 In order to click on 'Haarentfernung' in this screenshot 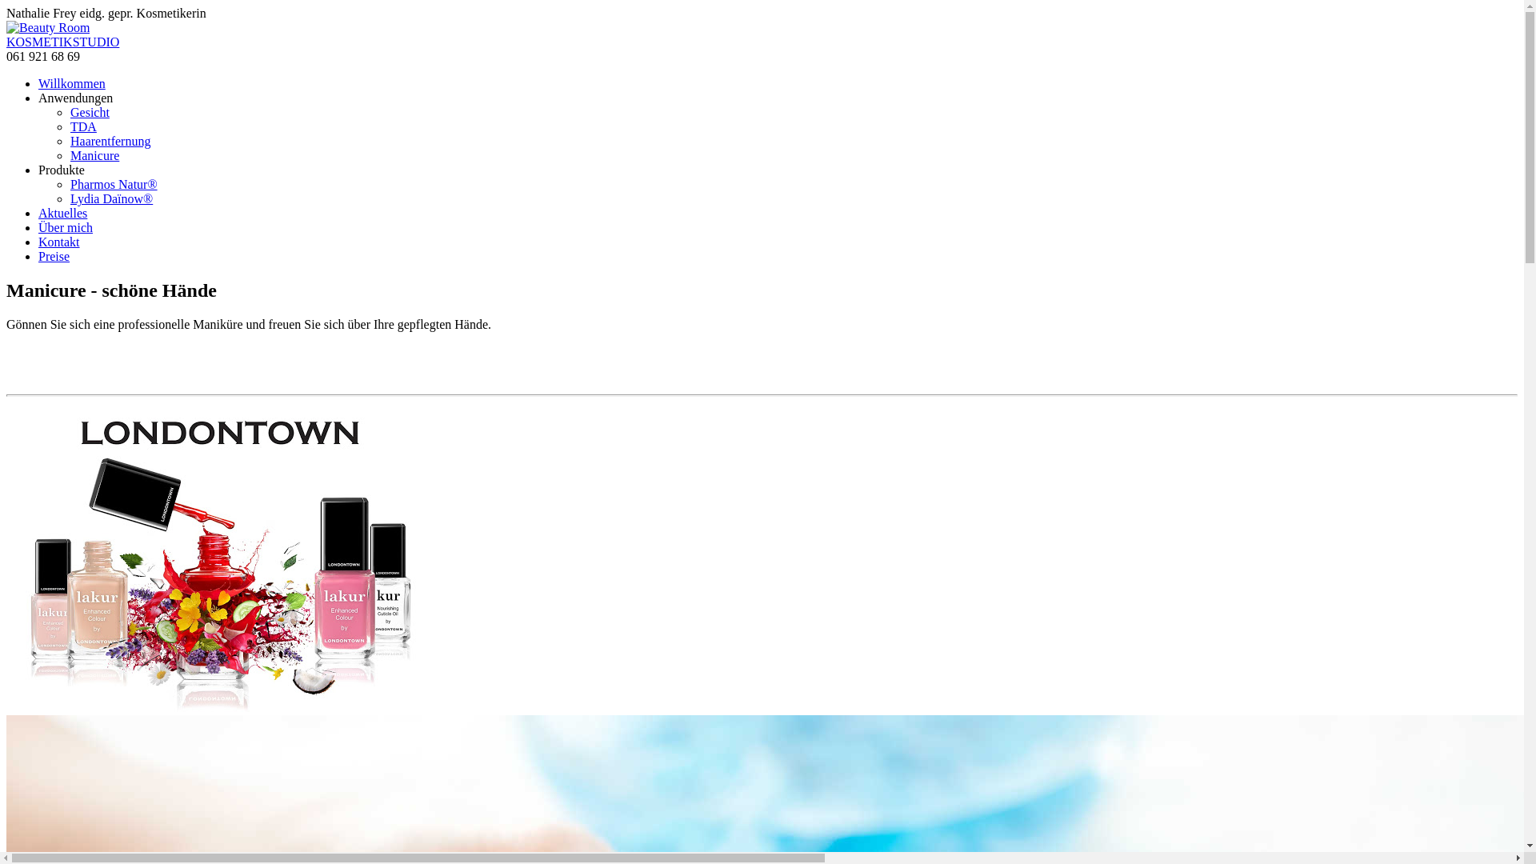, I will do `click(69, 140)`.